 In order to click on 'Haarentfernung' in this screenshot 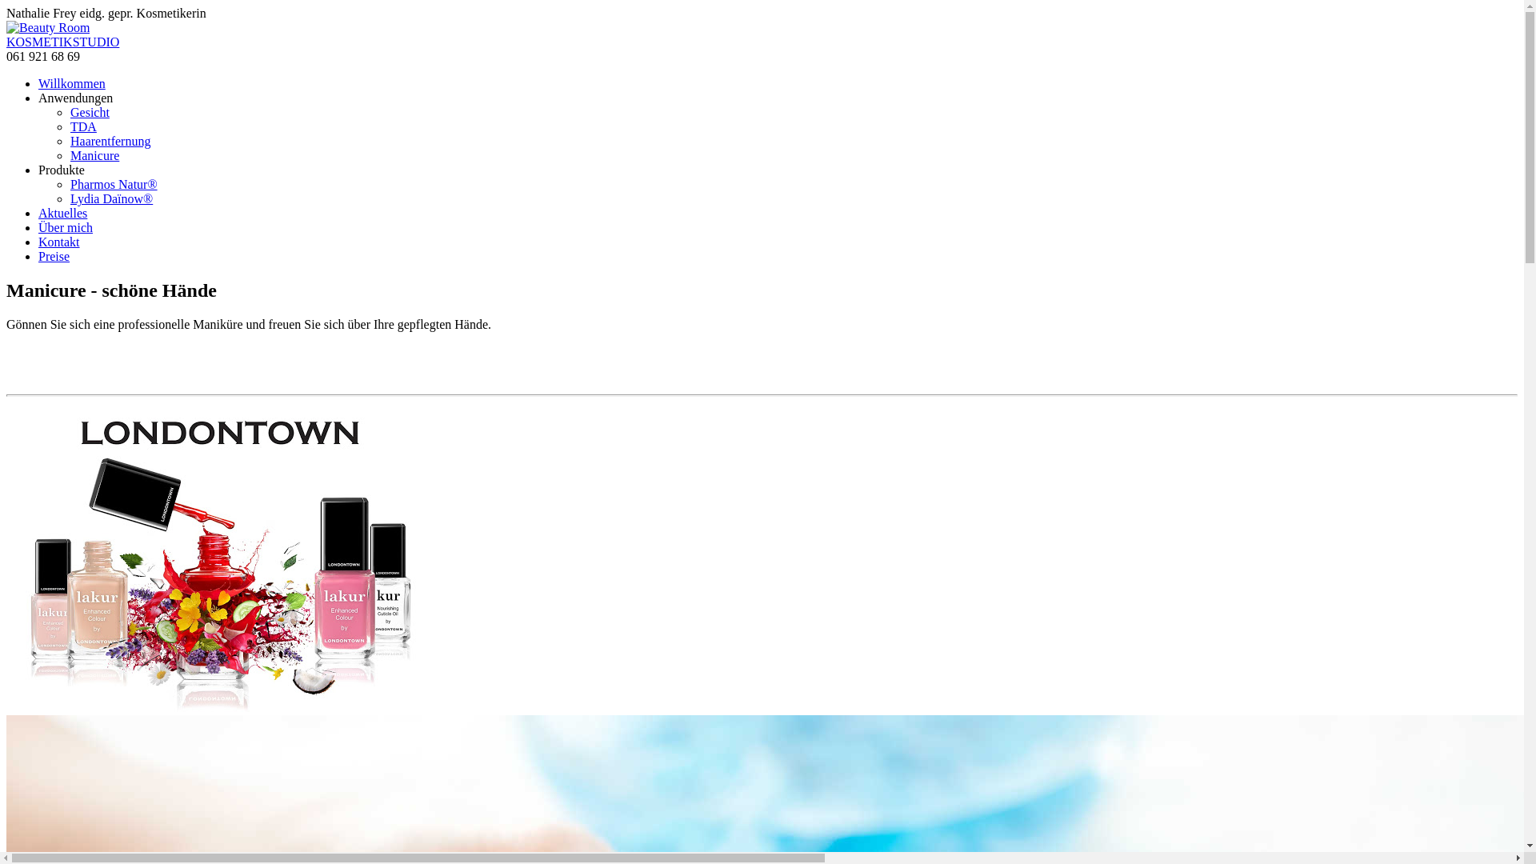, I will do `click(69, 140)`.